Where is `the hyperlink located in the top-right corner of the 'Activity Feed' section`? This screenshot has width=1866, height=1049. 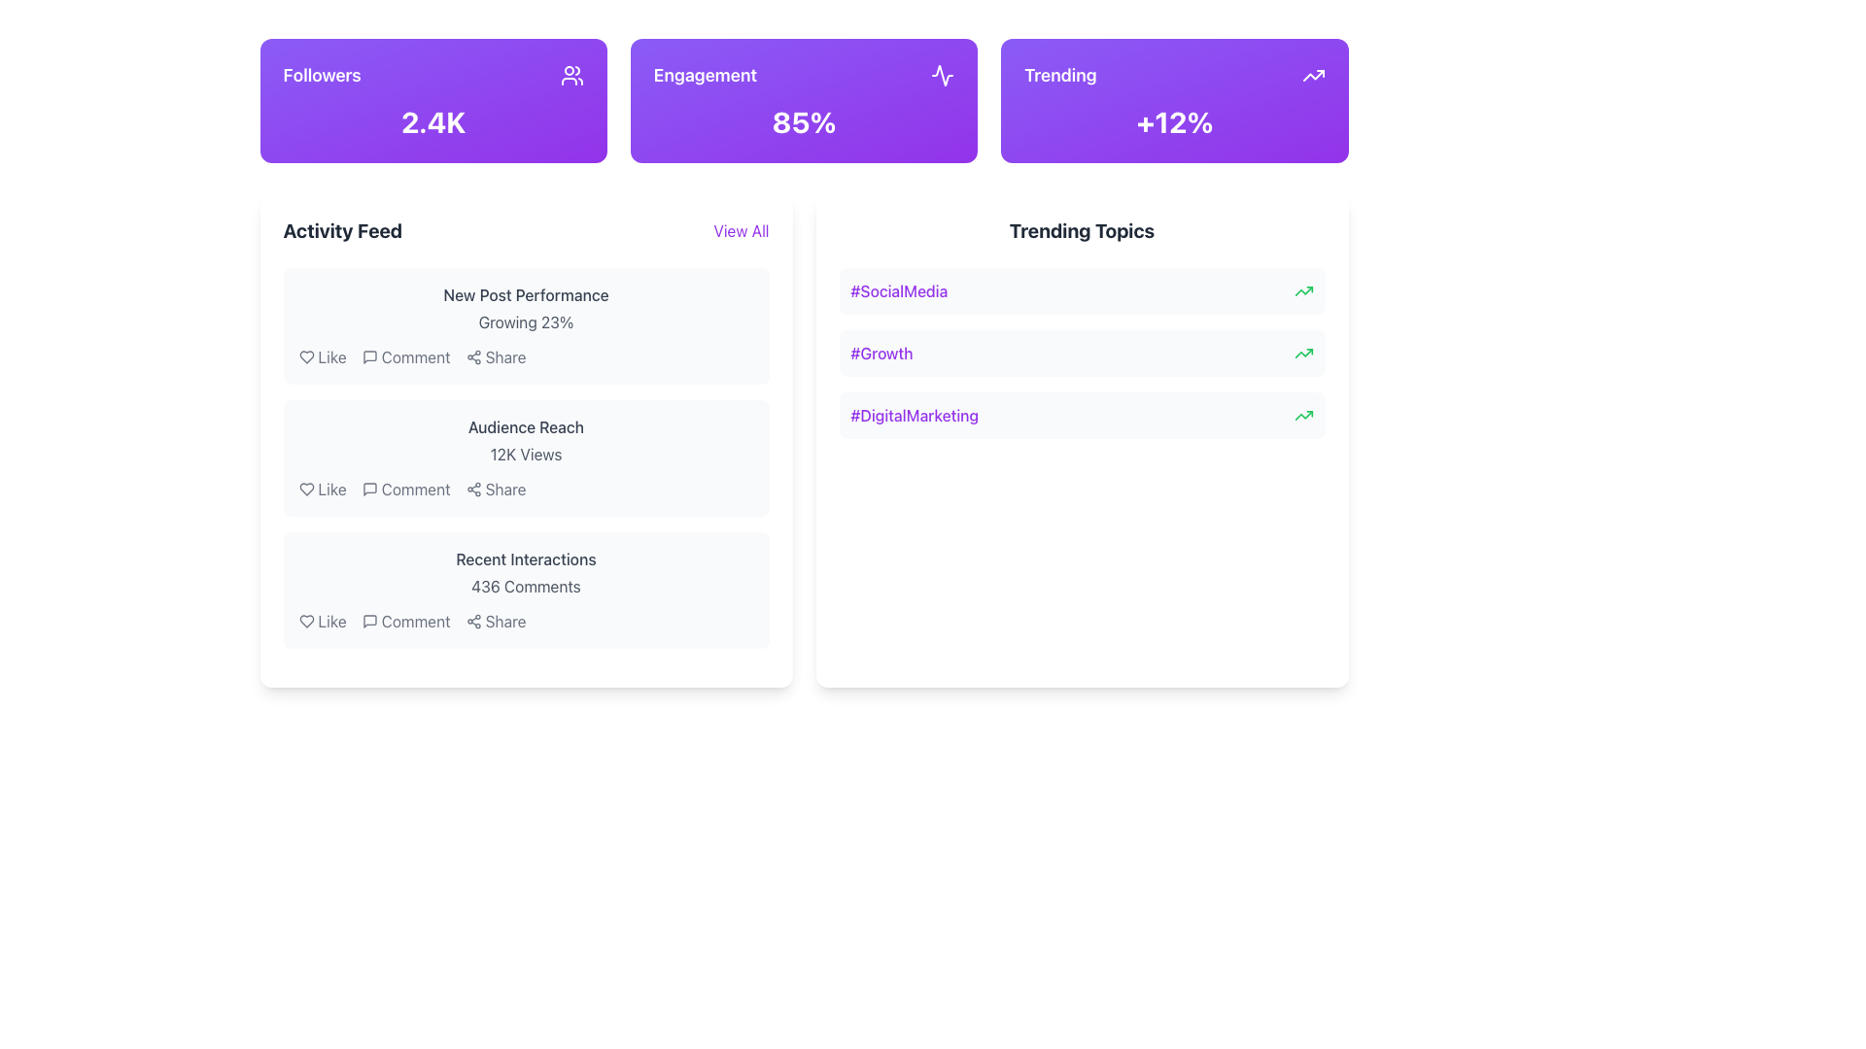
the hyperlink located in the top-right corner of the 'Activity Feed' section is located at coordinates (741, 230).